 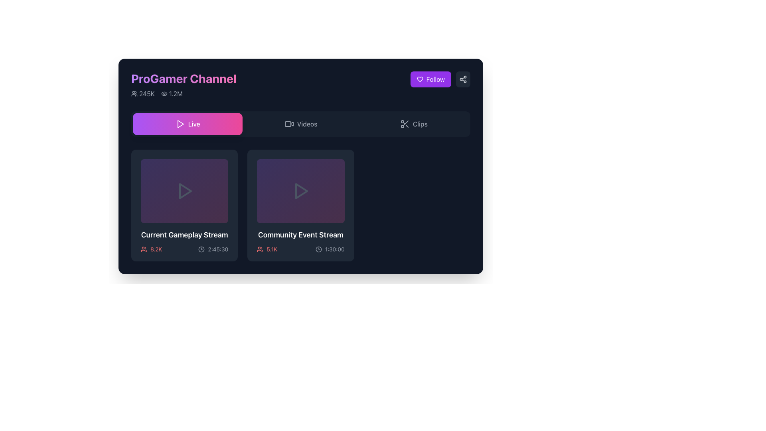 What do you see at coordinates (151, 249) in the screenshot?
I see `the viewership count displayed in the Statistical Display located below the video thumbnail for the 'Current Gameplay Stream'` at bounding box center [151, 249].